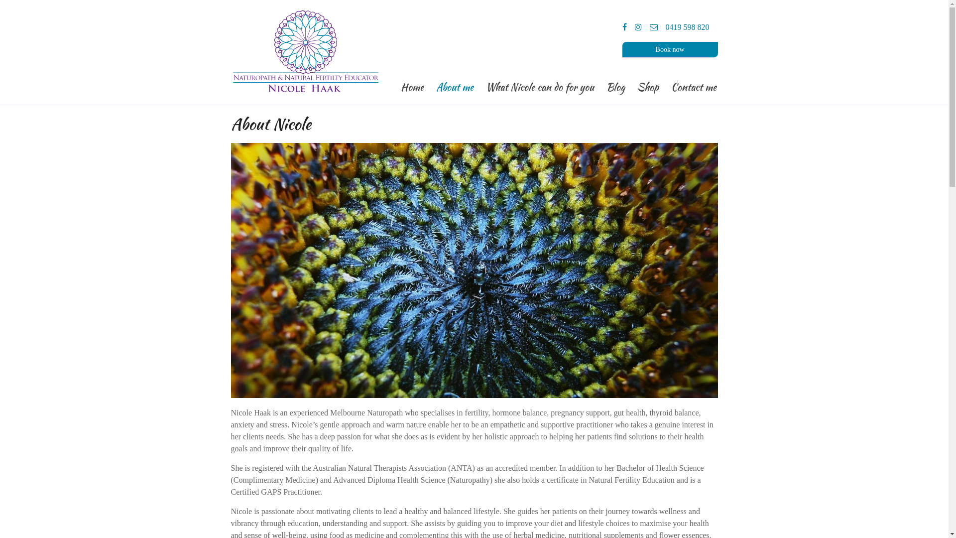 The image size is (956, 538). What do you see at coordinates (648, 85) in the screenshot?
I see `'Shop'` at bounding box center [648, 85].